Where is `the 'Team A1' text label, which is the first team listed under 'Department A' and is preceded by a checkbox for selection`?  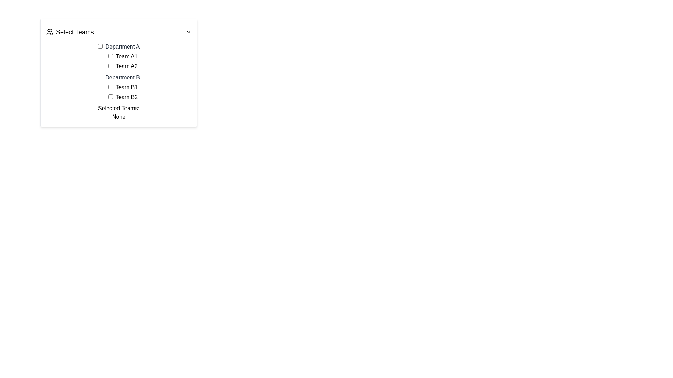 the 'Team A1' text label, which is the first team listed under 'Department A' and is preceded by a checkbox for selection is located at coordinates (123, 56).